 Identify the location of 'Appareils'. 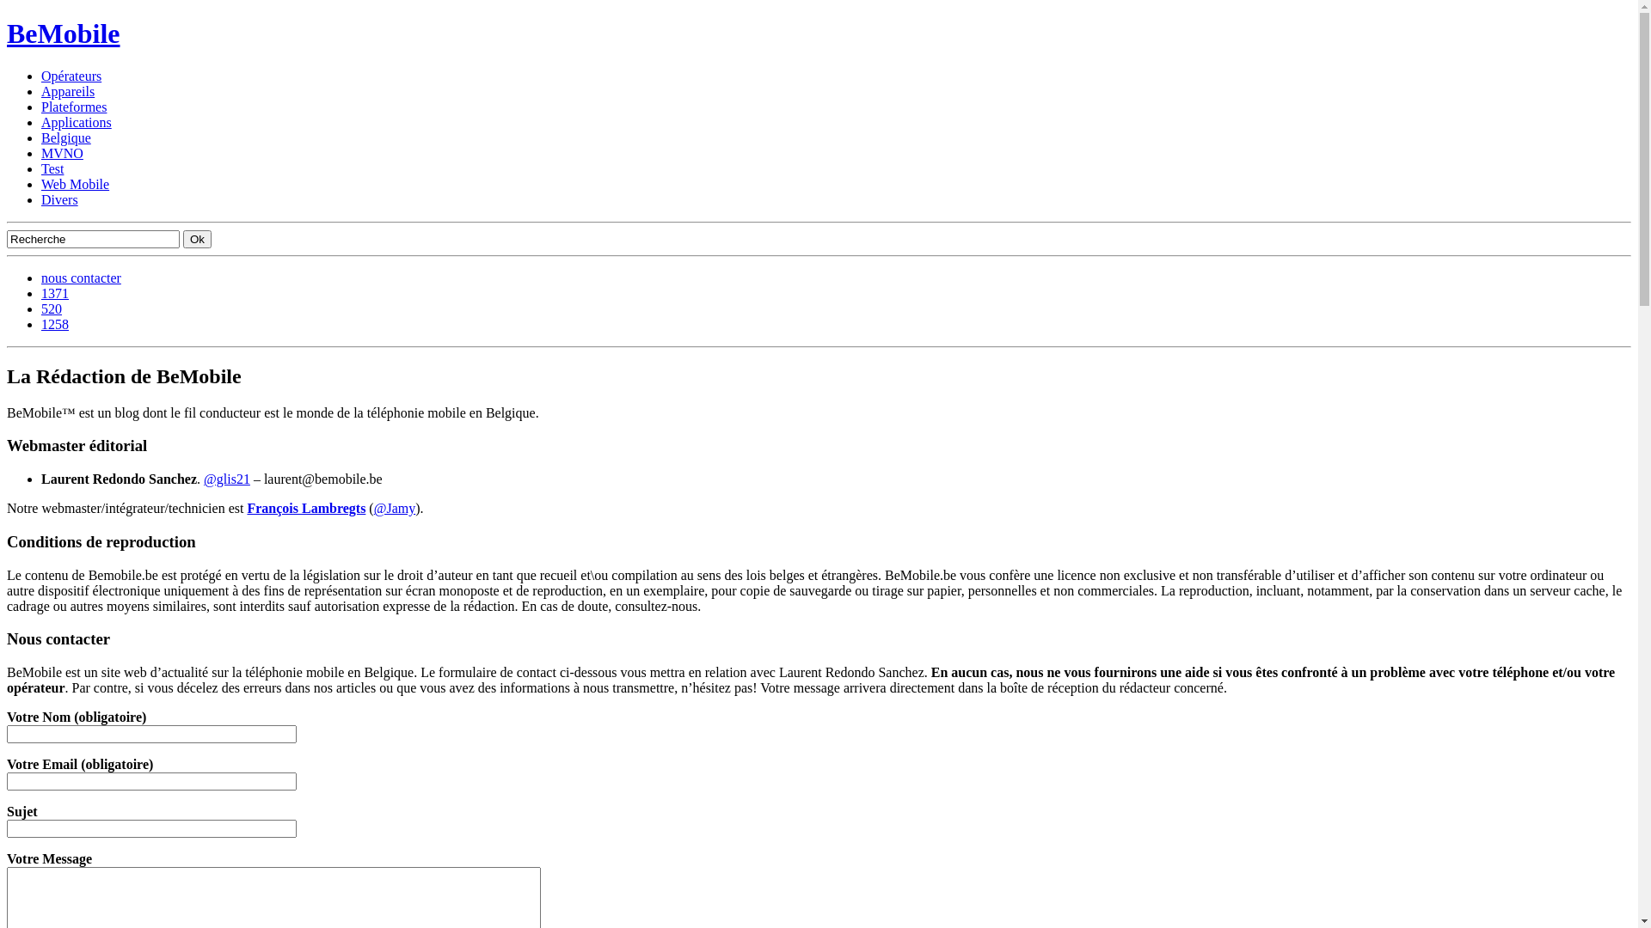
(41, 91).